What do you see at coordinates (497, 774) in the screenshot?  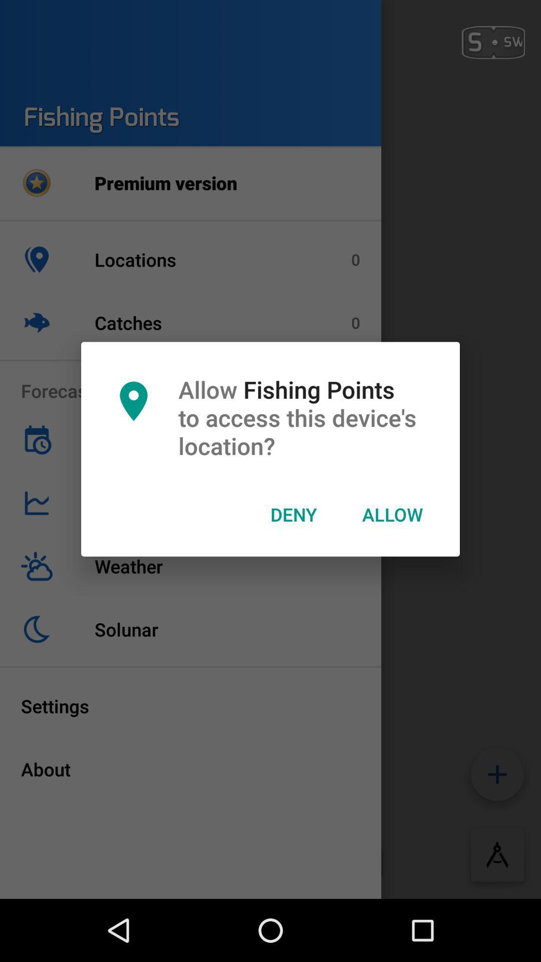 I see `the add icon` at bounding box center [497, 774].